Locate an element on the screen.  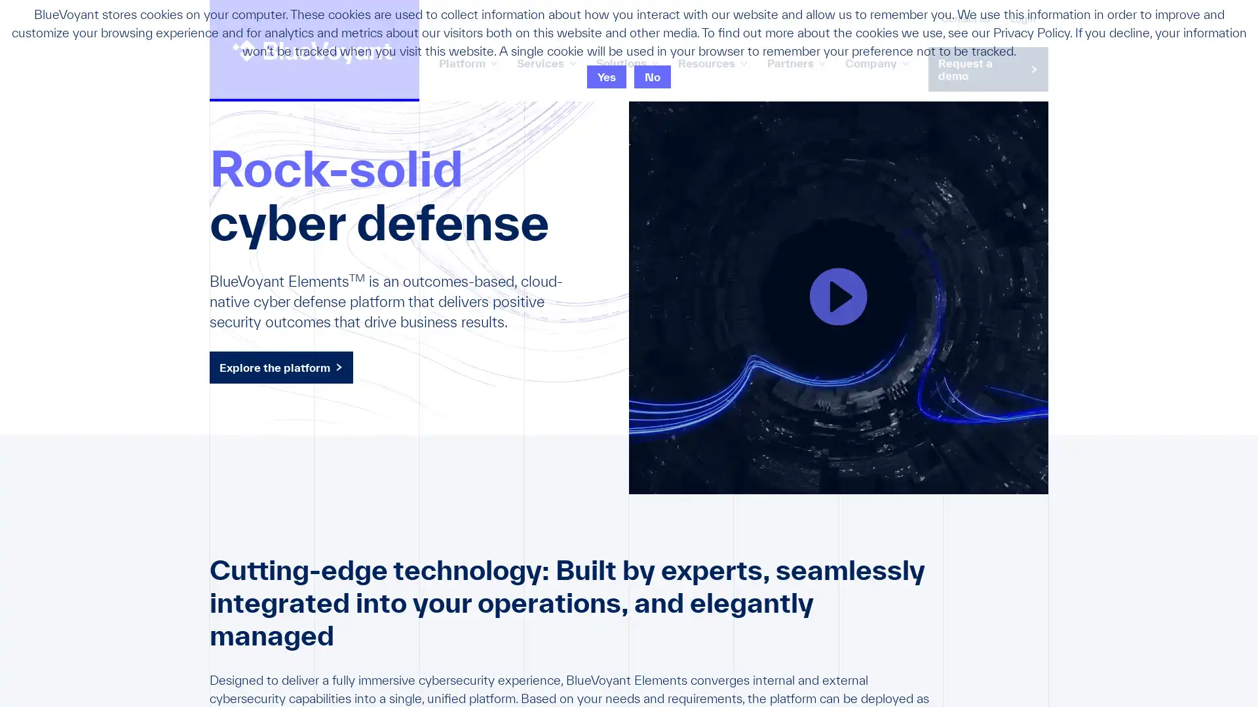
Play is located at coordinates (839, 297).